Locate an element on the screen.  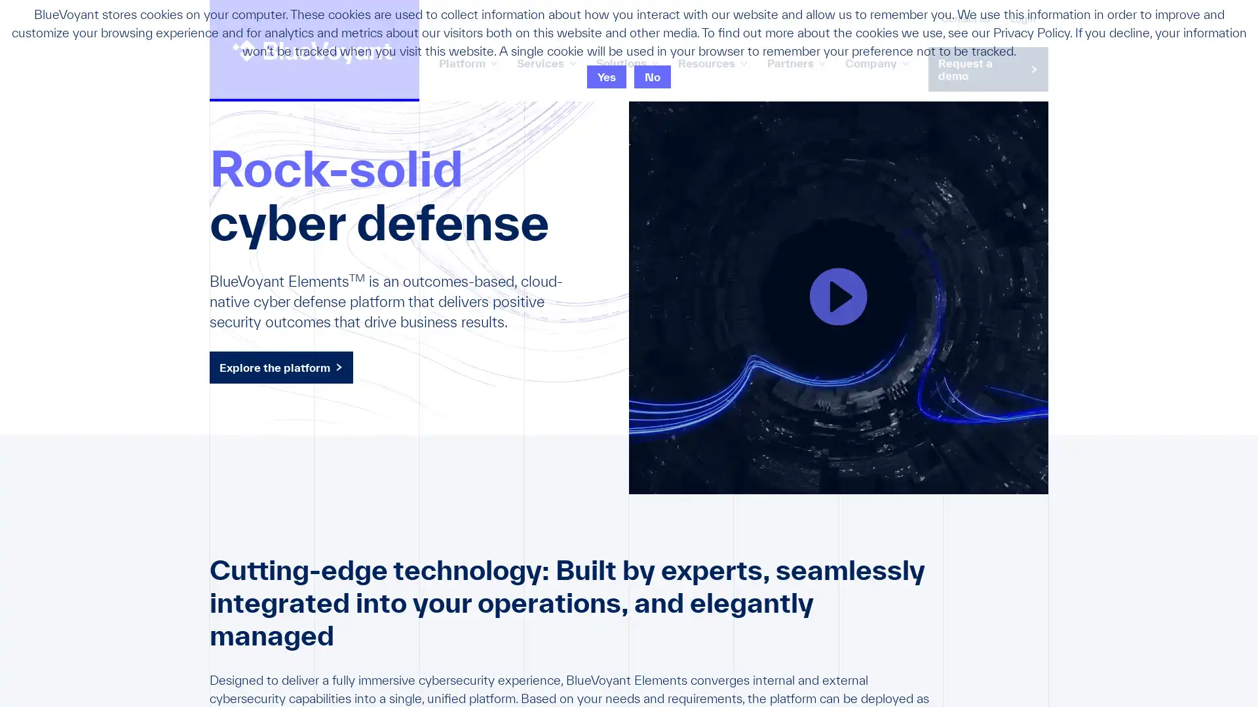
Play is located at coordinates (839, 297).